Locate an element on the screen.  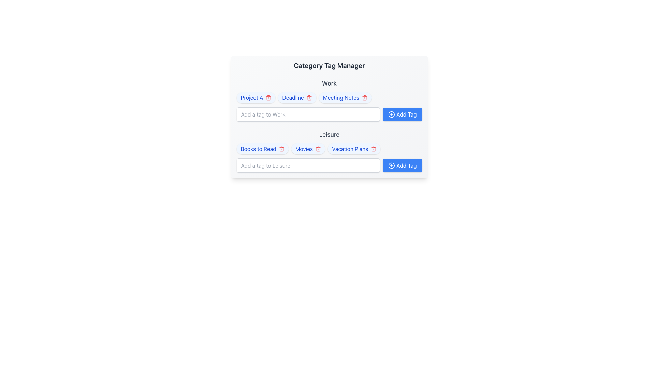
the 'Leisure' text label, which is displayed in a medium-sized, bold dark gray font and serves as a title for a section related to 'Books to Read', 'Movies', and 'Vacation Plans' is located at coordinates (329, 134).